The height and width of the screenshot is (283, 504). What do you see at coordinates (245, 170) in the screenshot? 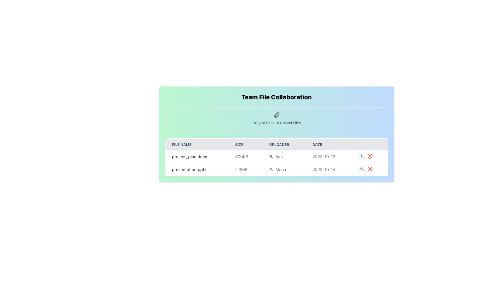
I see `the text displaying the size of the file 'presentation.pptx' in the second row of the file listing table under the 'SIZE' column` at bounding box center [245, 170].